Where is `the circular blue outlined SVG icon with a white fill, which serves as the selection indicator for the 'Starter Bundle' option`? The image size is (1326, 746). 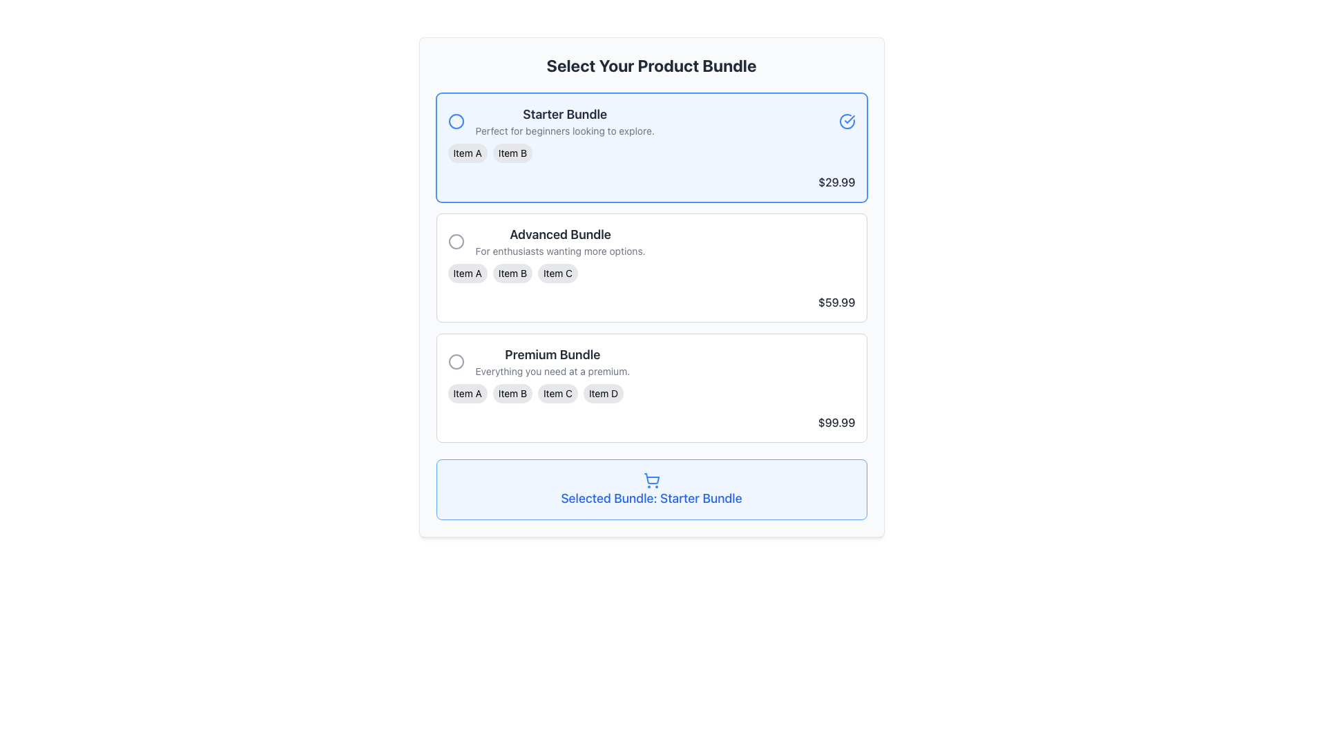
the circular blue outlined SVG icon with a white fill, which serves as the selection indicator for the 'Starter Bundle' option is located at coordinates (456, 121).